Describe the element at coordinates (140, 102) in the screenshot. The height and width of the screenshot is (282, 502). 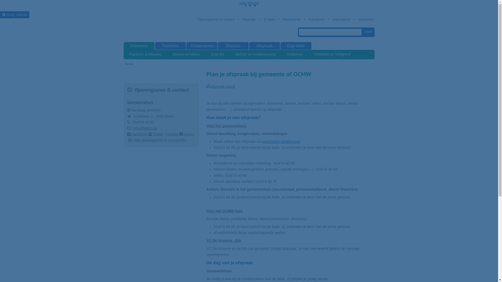
I see `'Gemeentehuis'` at that location.